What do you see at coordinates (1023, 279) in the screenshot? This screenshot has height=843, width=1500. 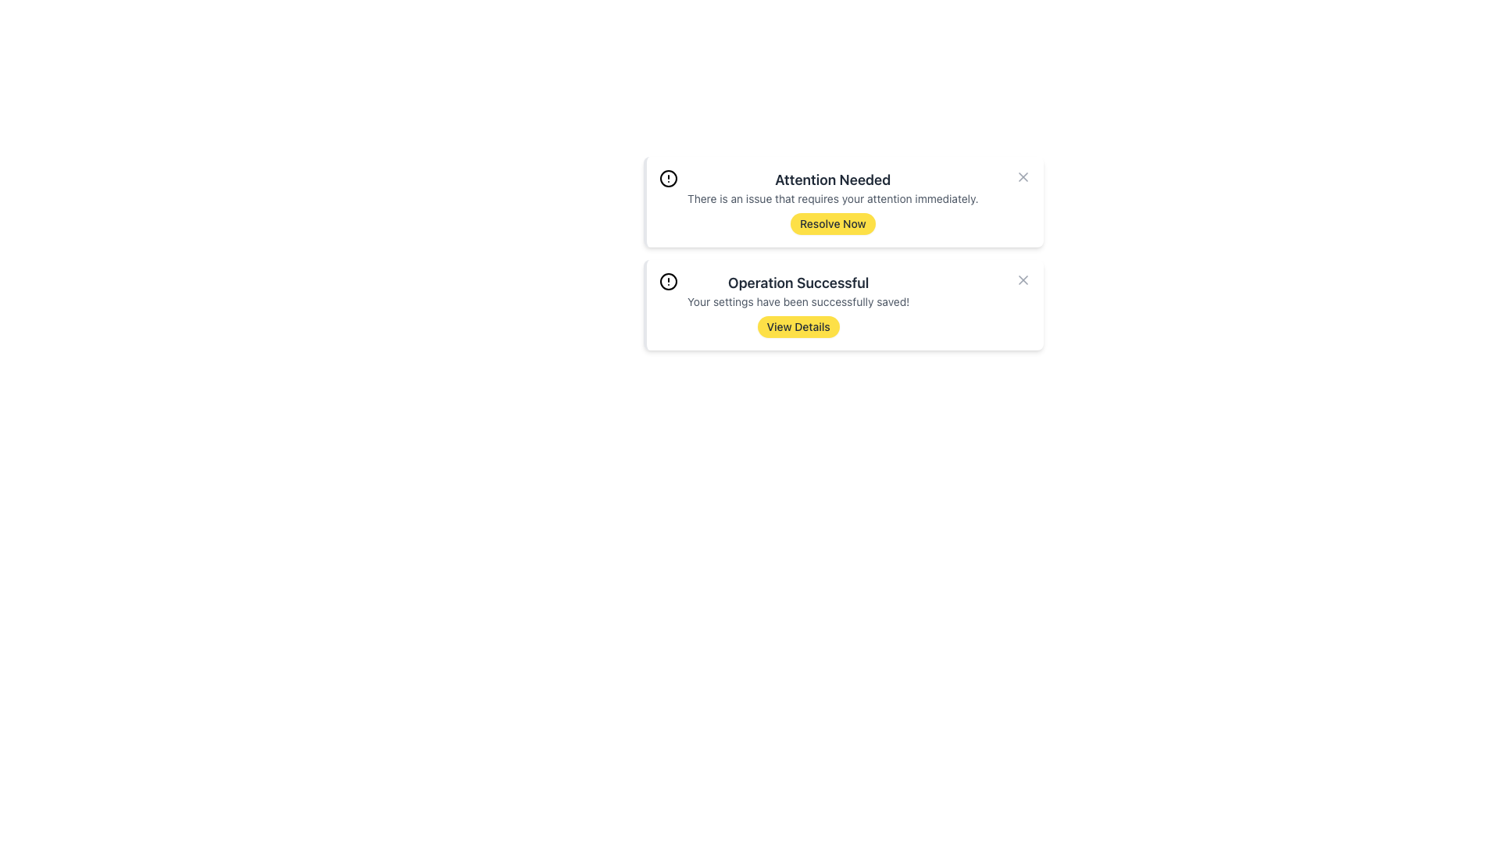 I see `the Close button icon located on the far right side of the 'Operation Successful' notification box` at bounding box center [1023, 279].